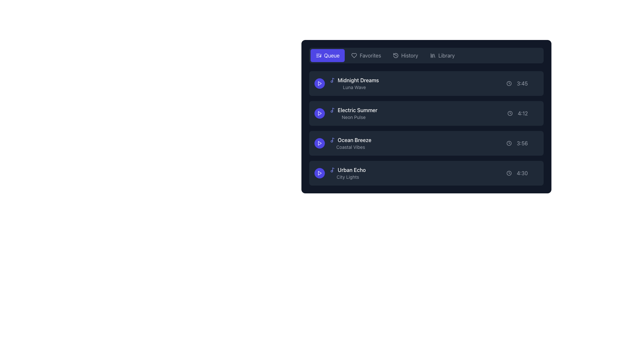 The height and width of the screenshot is (351, 625). Describe the element at coordinates (332, 55) in the screenshot. I see `the 'Queue' text label, which is styled in white on a blue background and located within a button in the navigation bar` at that location.